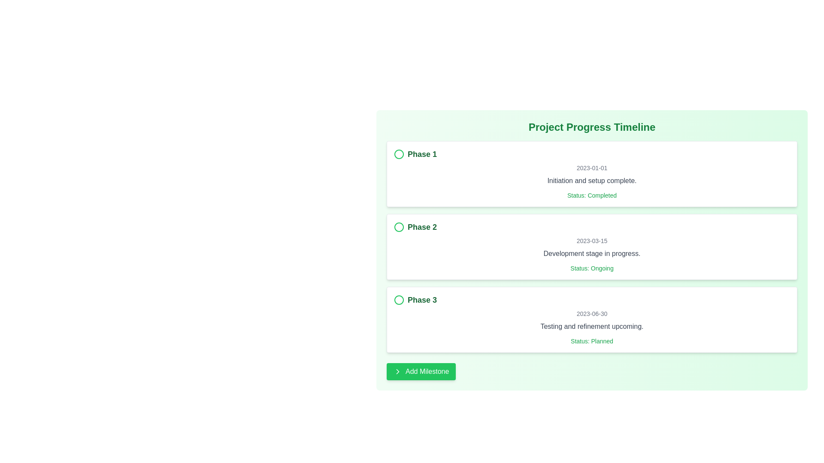  What do you see at coordinates (399, 226) in the screenshot?
I see `the circular Indicator Icon preceding the label 'Phase 2' in the project progress timeline` at bounding box center [399, 226].